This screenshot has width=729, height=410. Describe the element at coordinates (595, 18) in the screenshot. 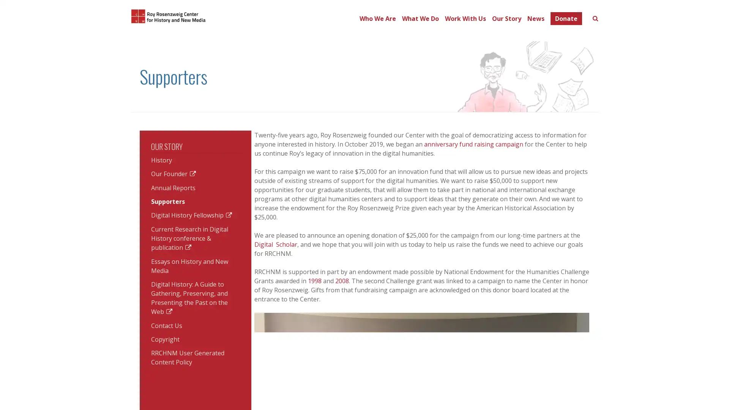

I see `Toggle search form` at that location.